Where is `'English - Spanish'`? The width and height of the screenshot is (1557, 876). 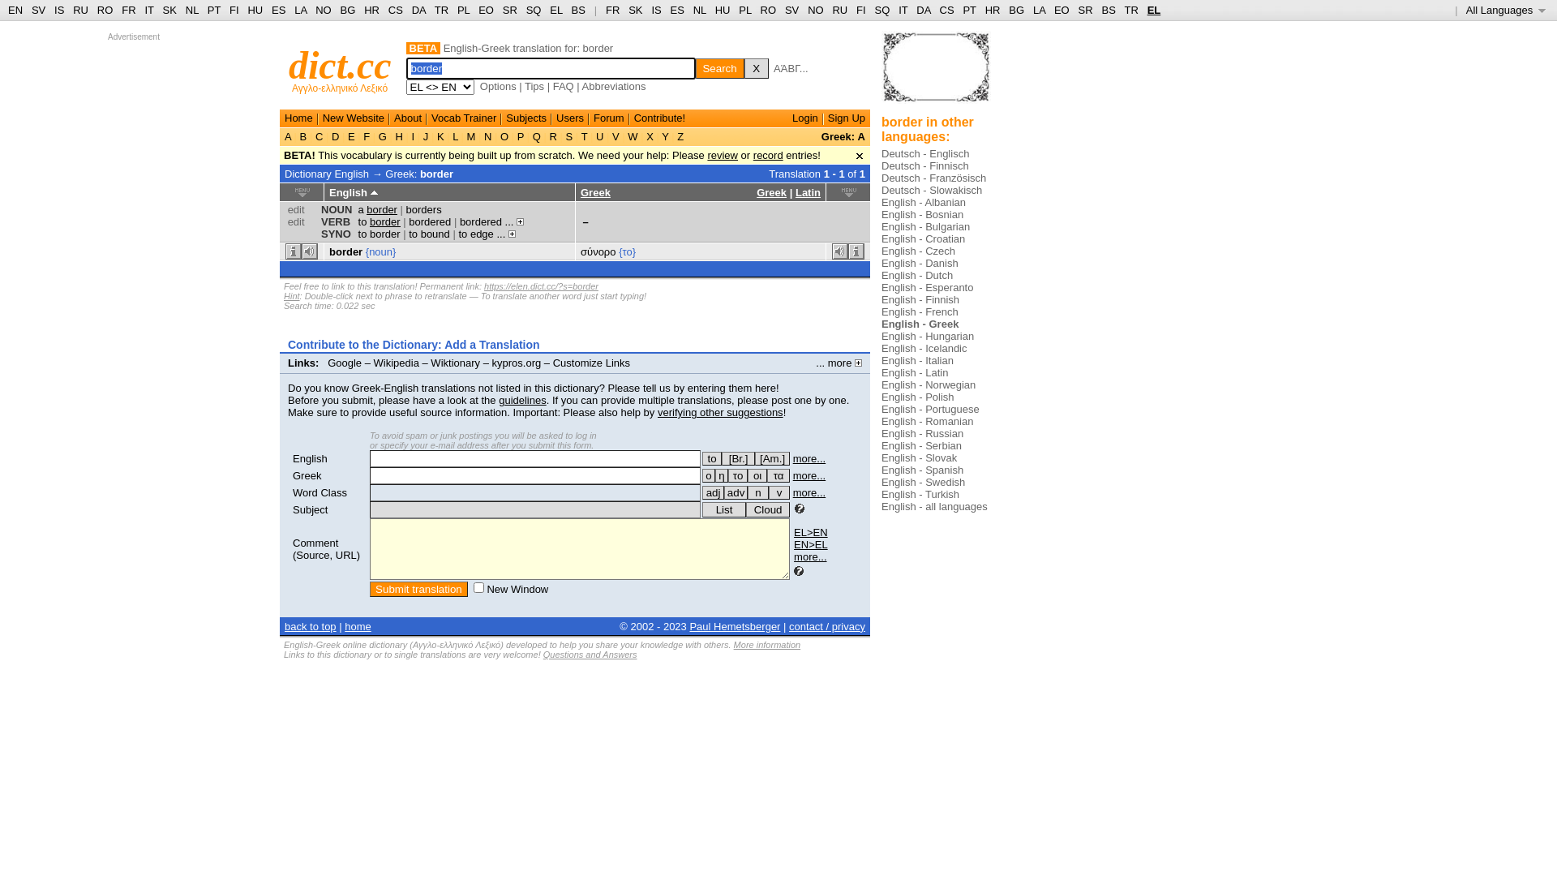 'English - Spanish' is located at coordinates (922, 470).